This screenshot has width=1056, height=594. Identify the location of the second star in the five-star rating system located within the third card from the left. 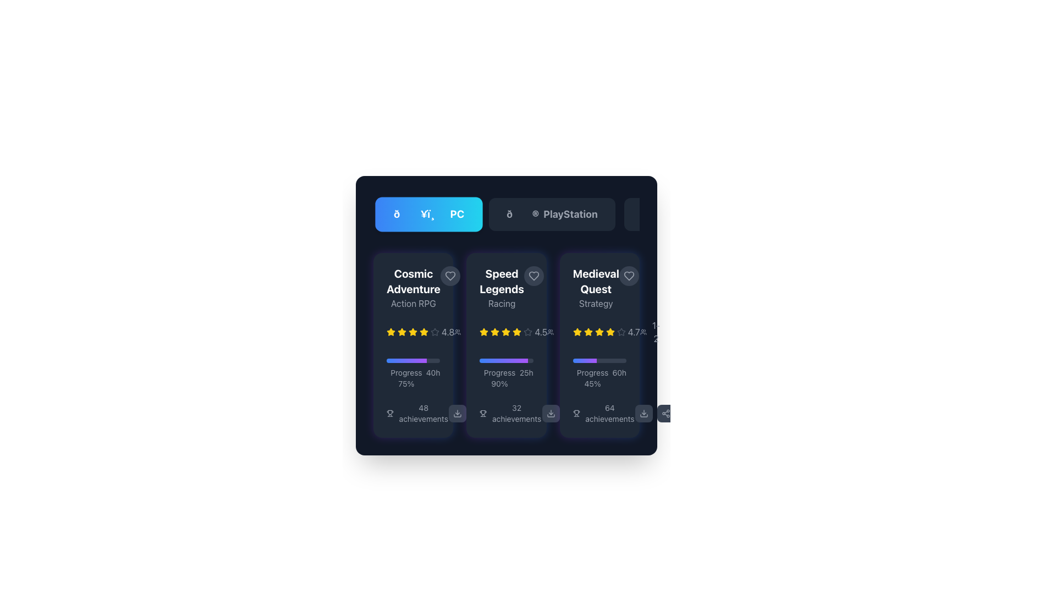
(587, 332).